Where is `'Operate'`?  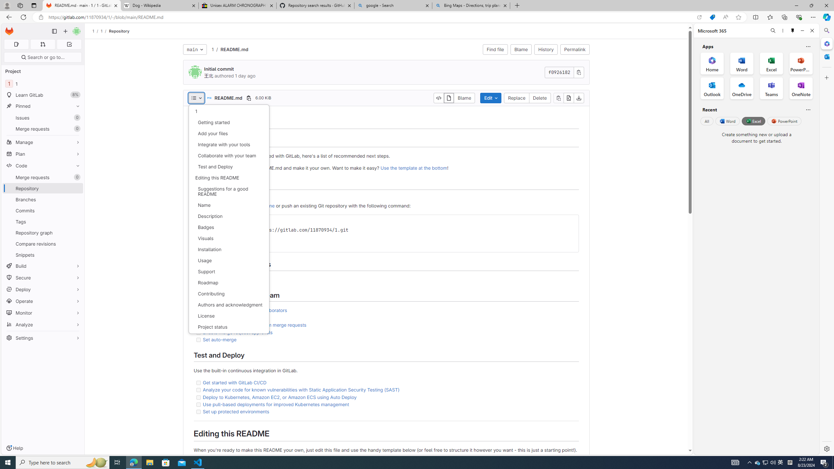
'Operate' is located at coordinates (42, 301).